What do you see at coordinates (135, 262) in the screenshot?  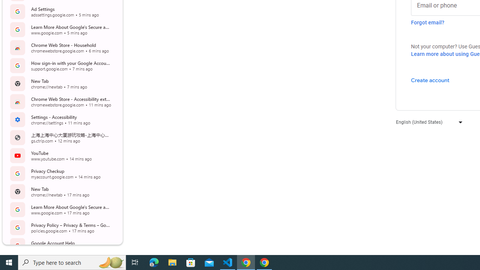 I see `'Task View'` at bounding box center [135, 262].